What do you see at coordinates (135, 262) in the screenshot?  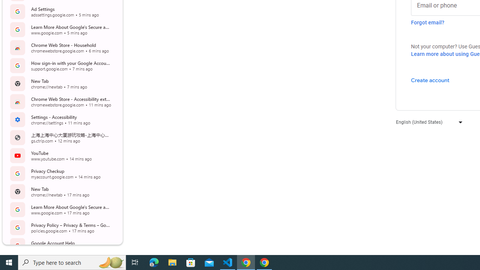 I see `'Task View'` at bounding box center [135, 262].